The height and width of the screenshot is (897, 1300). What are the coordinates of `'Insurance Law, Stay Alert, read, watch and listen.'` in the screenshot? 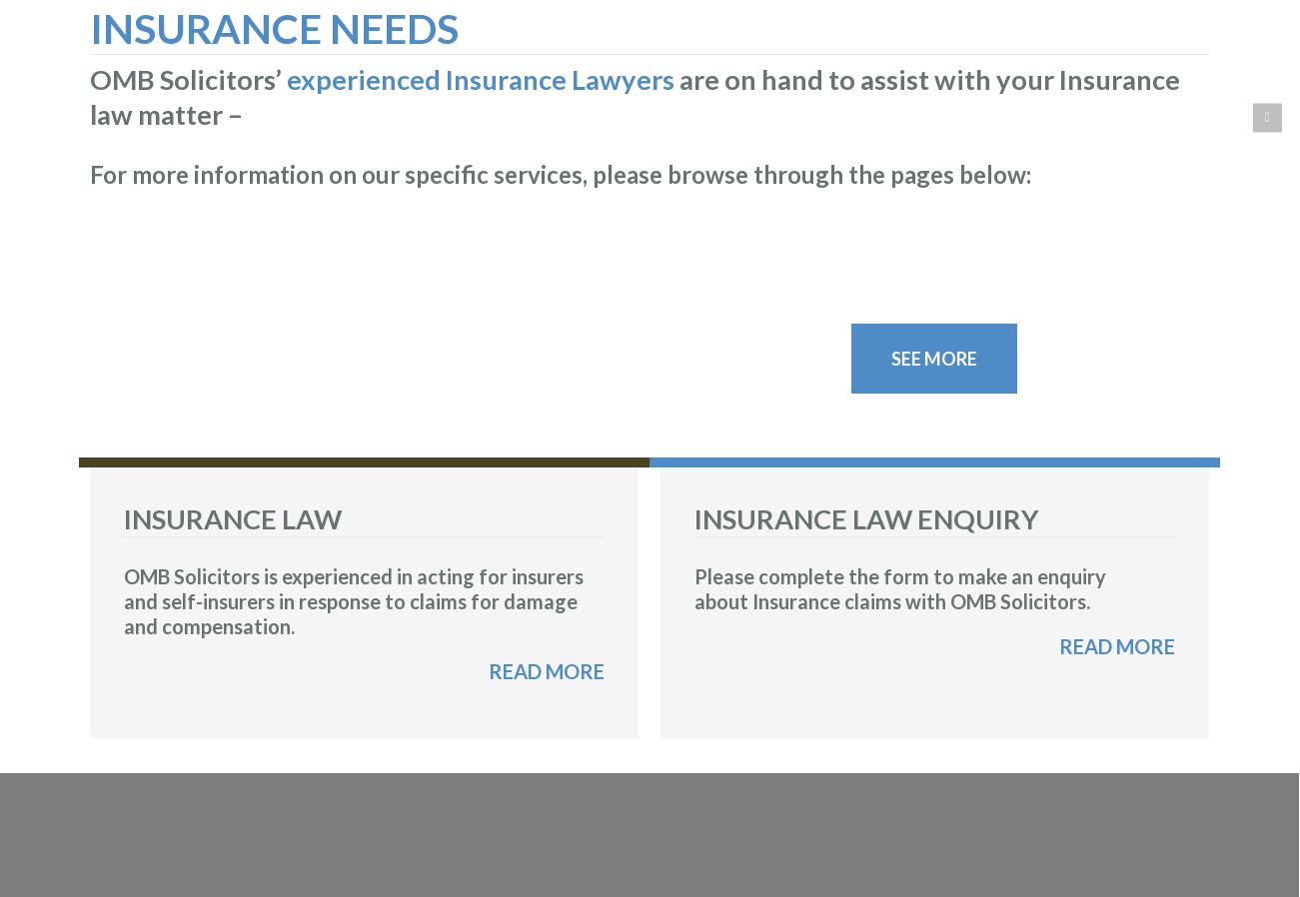 It's located at (118, 357).